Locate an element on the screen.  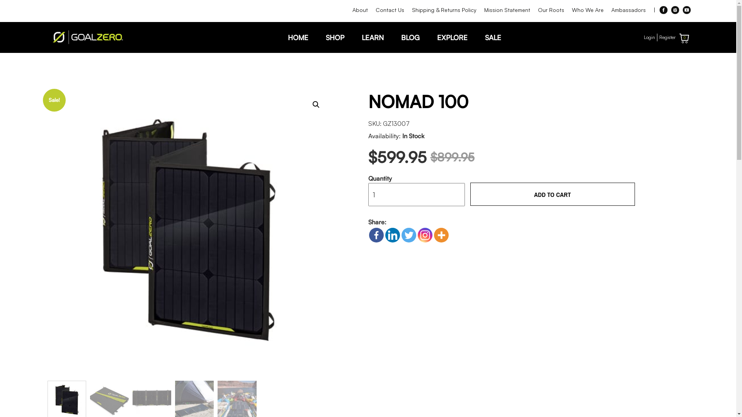
'SALE' is located at coordinates (492, 37).